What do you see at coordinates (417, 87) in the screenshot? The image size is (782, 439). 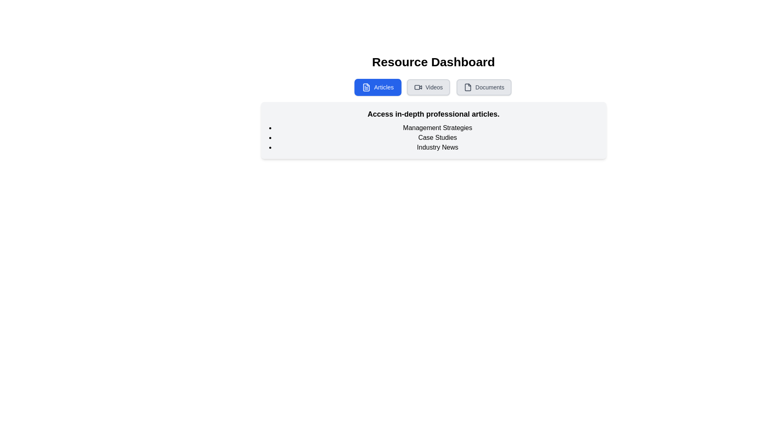 I see `the SVG rectangle element within the video icon that represents the button for accessing video content, located in the central interface between the 'Articles' and 'Documents' buttons` at bounding box center [417, 87].